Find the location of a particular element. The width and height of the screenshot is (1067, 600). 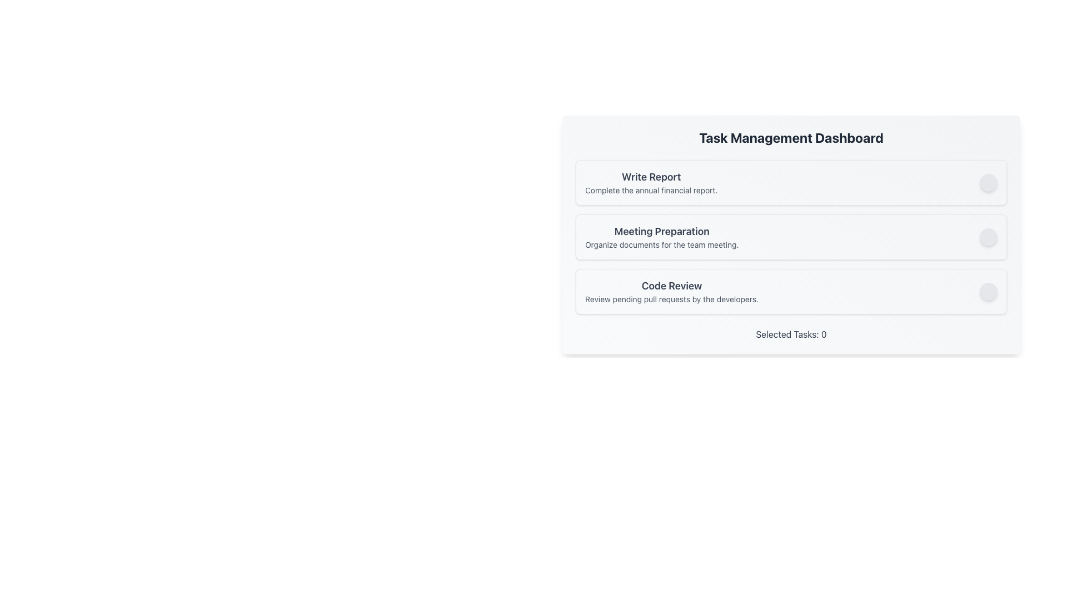

the 'Meeting Preparation' task card is located at coordinates (791, 237).